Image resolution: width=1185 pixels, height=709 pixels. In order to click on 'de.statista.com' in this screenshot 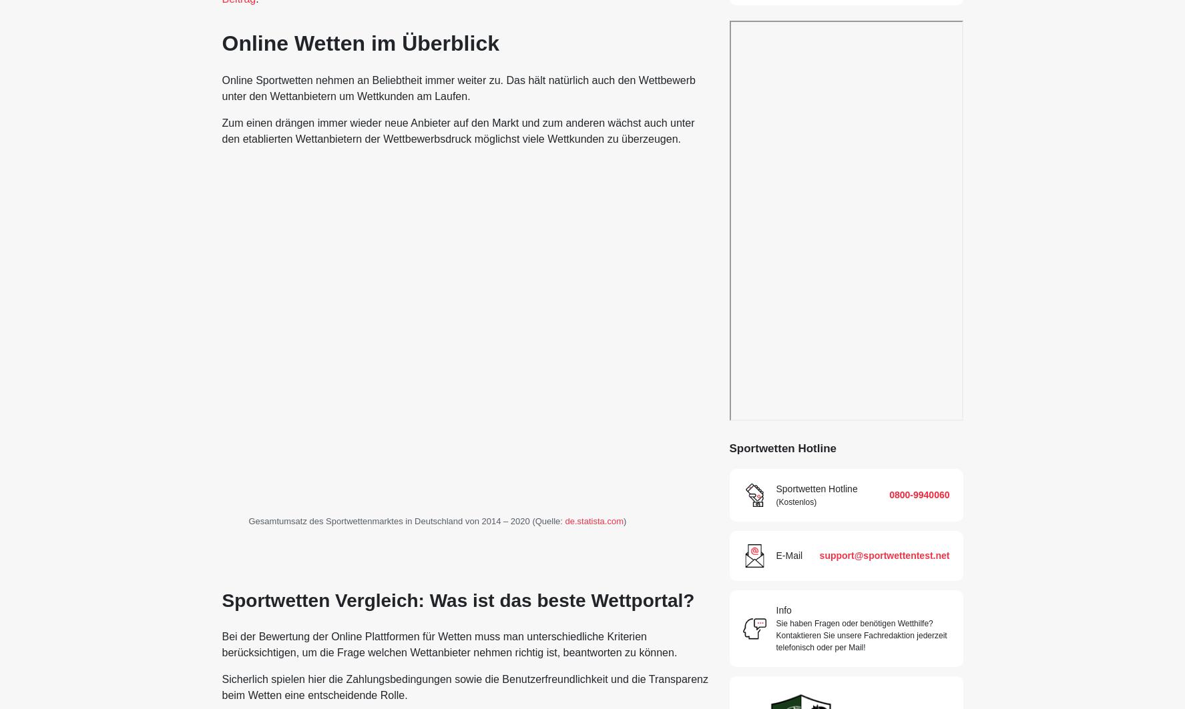, I will do `click(594, 520)`.